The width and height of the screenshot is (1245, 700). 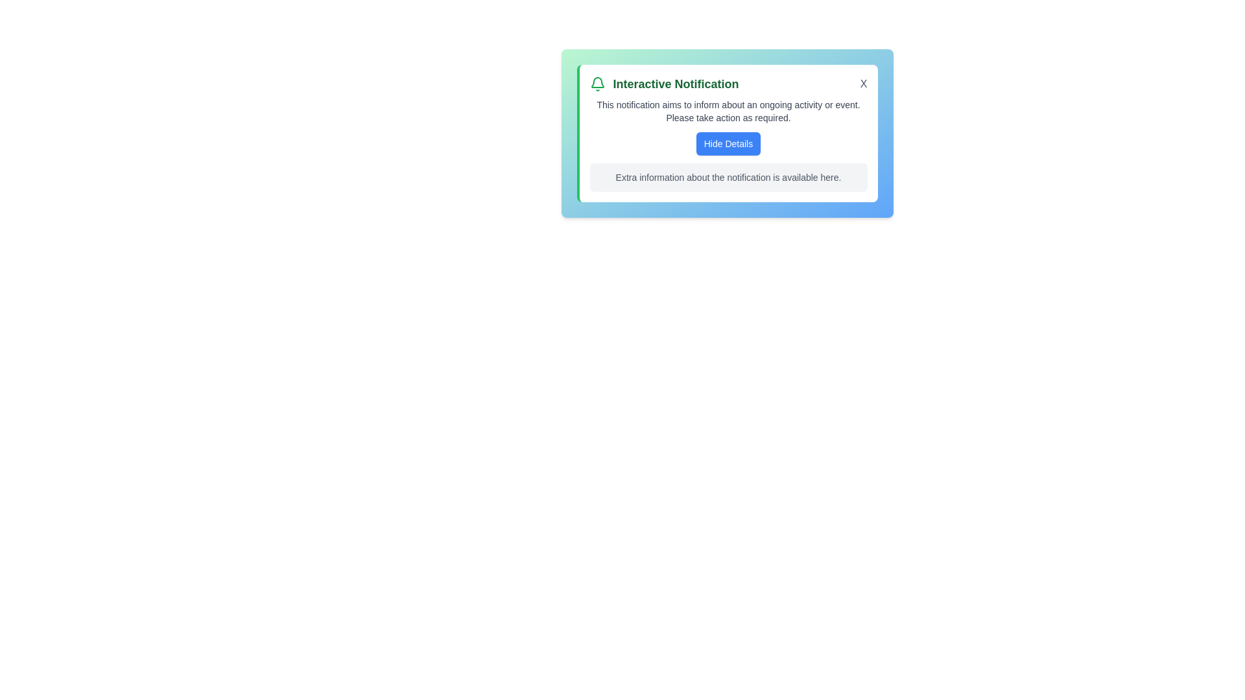 What do you see at coordinates (597, 84) in the screenshot?
I see `the notification bell icon` at bounding box center [597, 84].